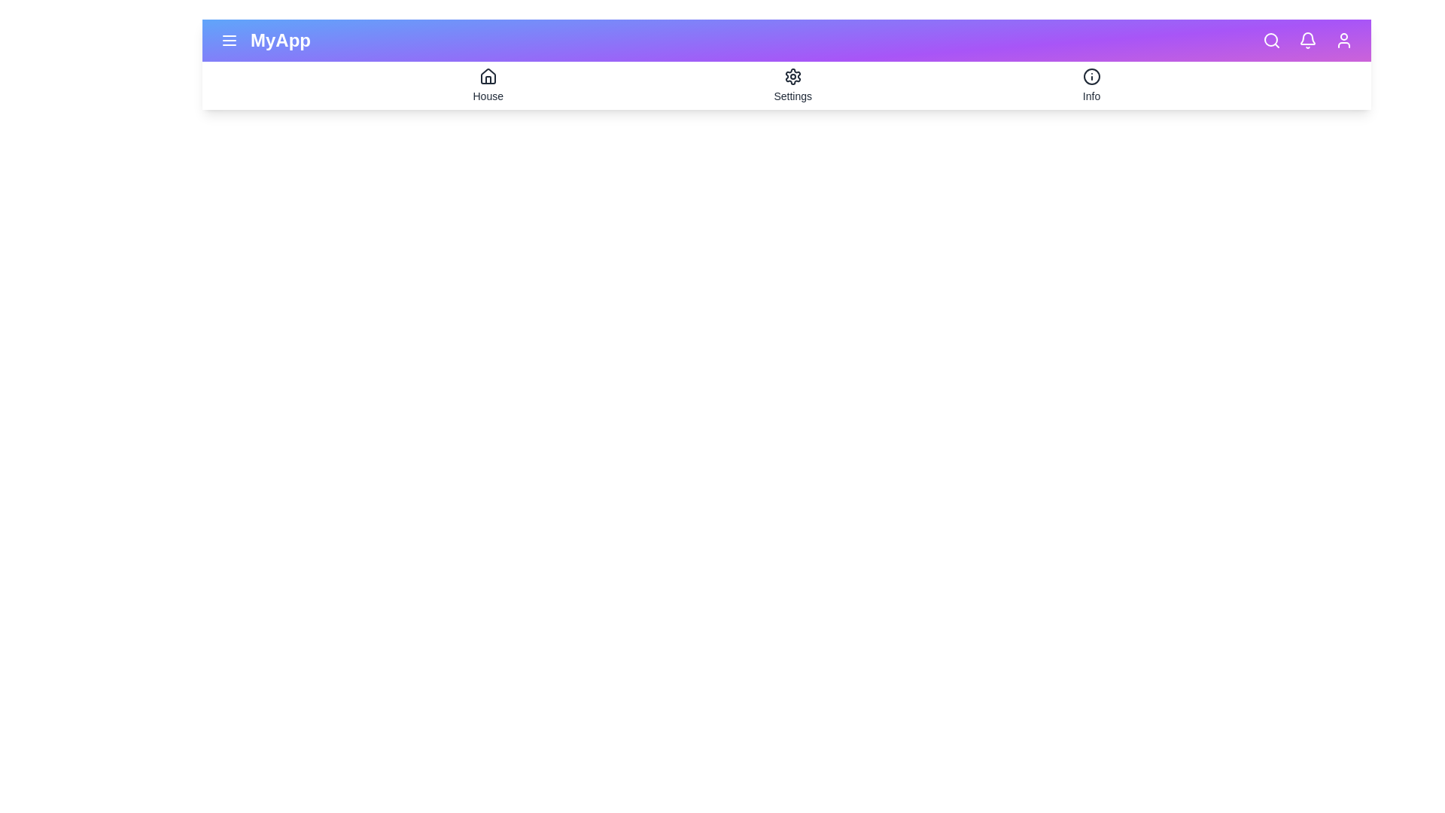  What do you see at coordinates (1270, 40) in the screenshot?
I see `the icon search to preview its interaction` at bounding box center [1270, 40].